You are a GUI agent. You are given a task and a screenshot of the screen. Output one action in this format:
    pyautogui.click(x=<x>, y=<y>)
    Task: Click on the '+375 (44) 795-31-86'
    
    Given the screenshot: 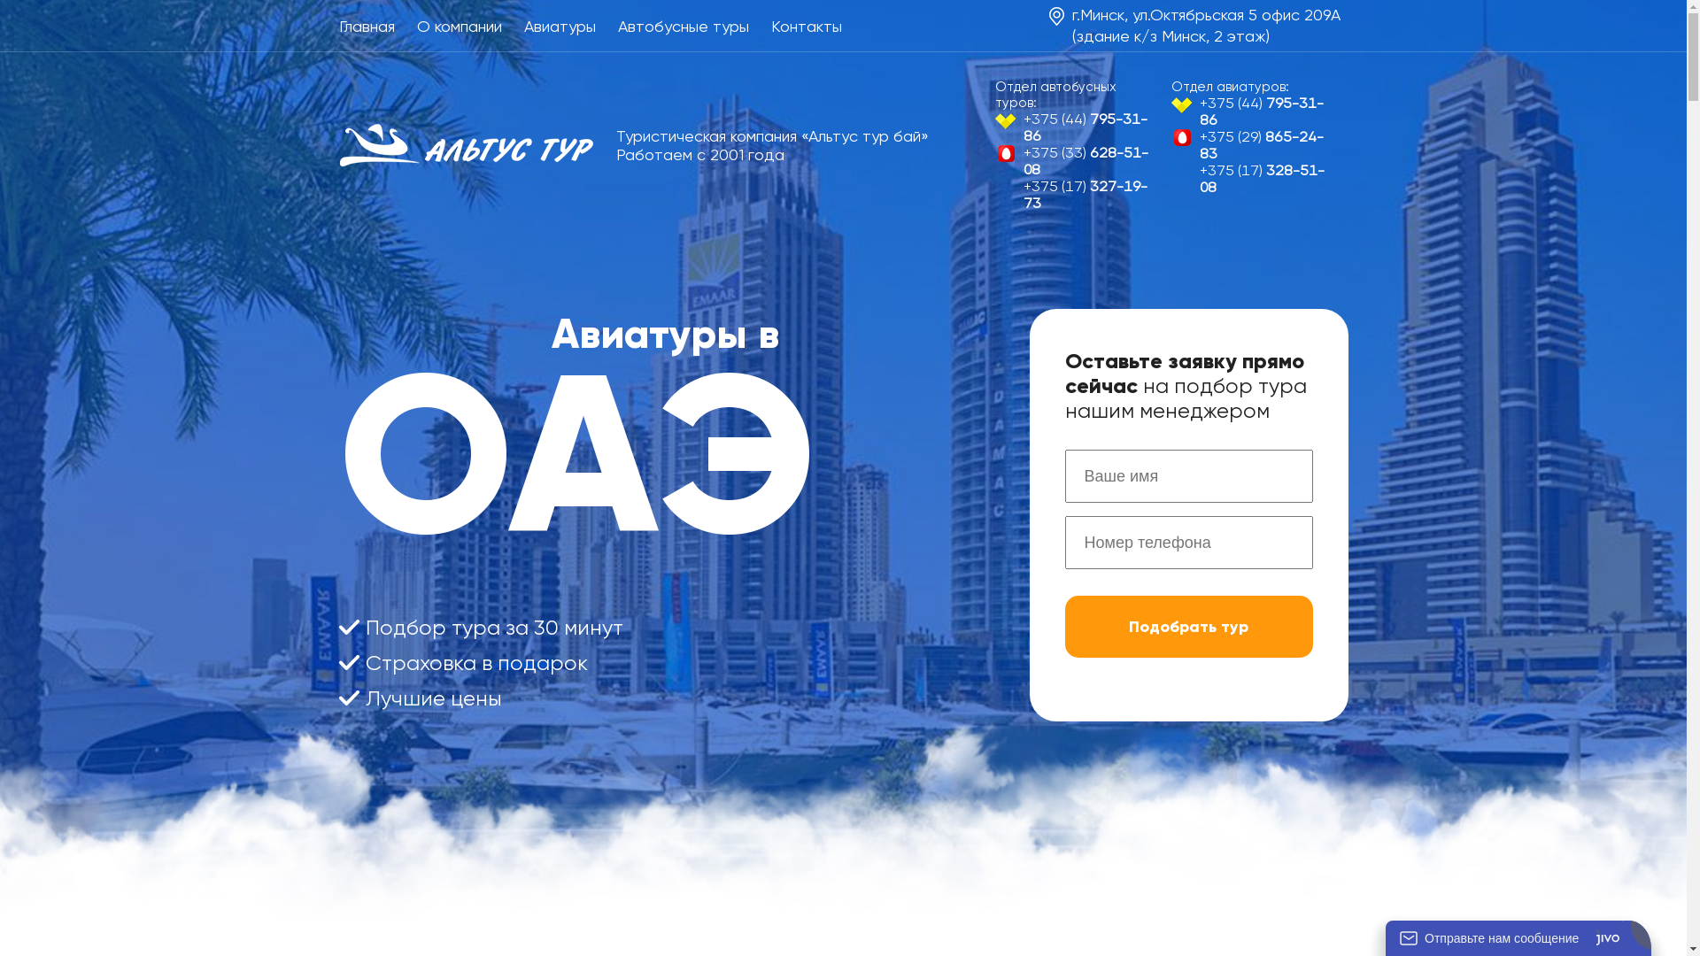 What is the action you would take?
    pyautogui.click(x=1252, y=112)
    